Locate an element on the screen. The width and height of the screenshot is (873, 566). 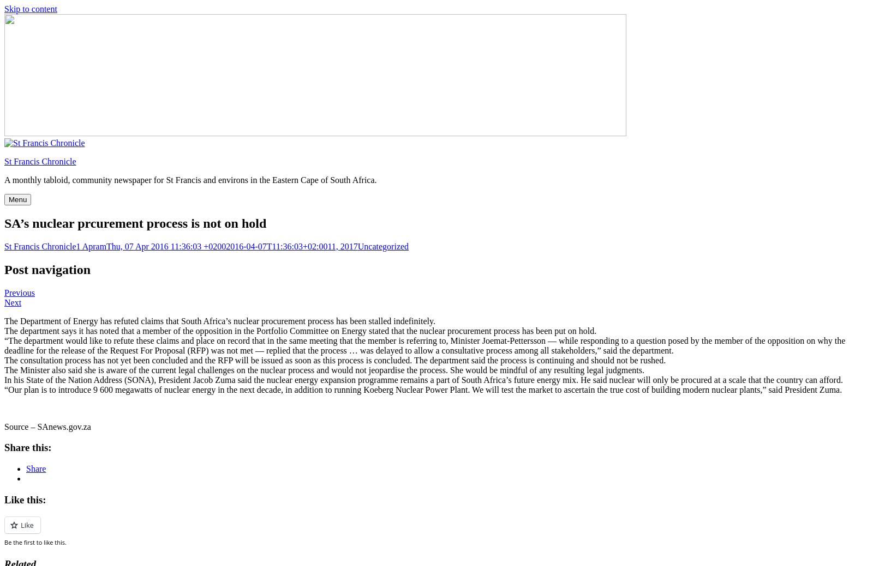
'“The department would like to refute these claims and place on record that in the same meeting that the member is referring to, Minister Joemat-Pettersson — while responding to a question posed by the member of the opposition on why the deadline for the release of the Request For Proposal (RFP) was not met — replied that the process … was delayed to allow a consultative process among all stakeholders,” said the department.' is located at coordinates (424, 345).